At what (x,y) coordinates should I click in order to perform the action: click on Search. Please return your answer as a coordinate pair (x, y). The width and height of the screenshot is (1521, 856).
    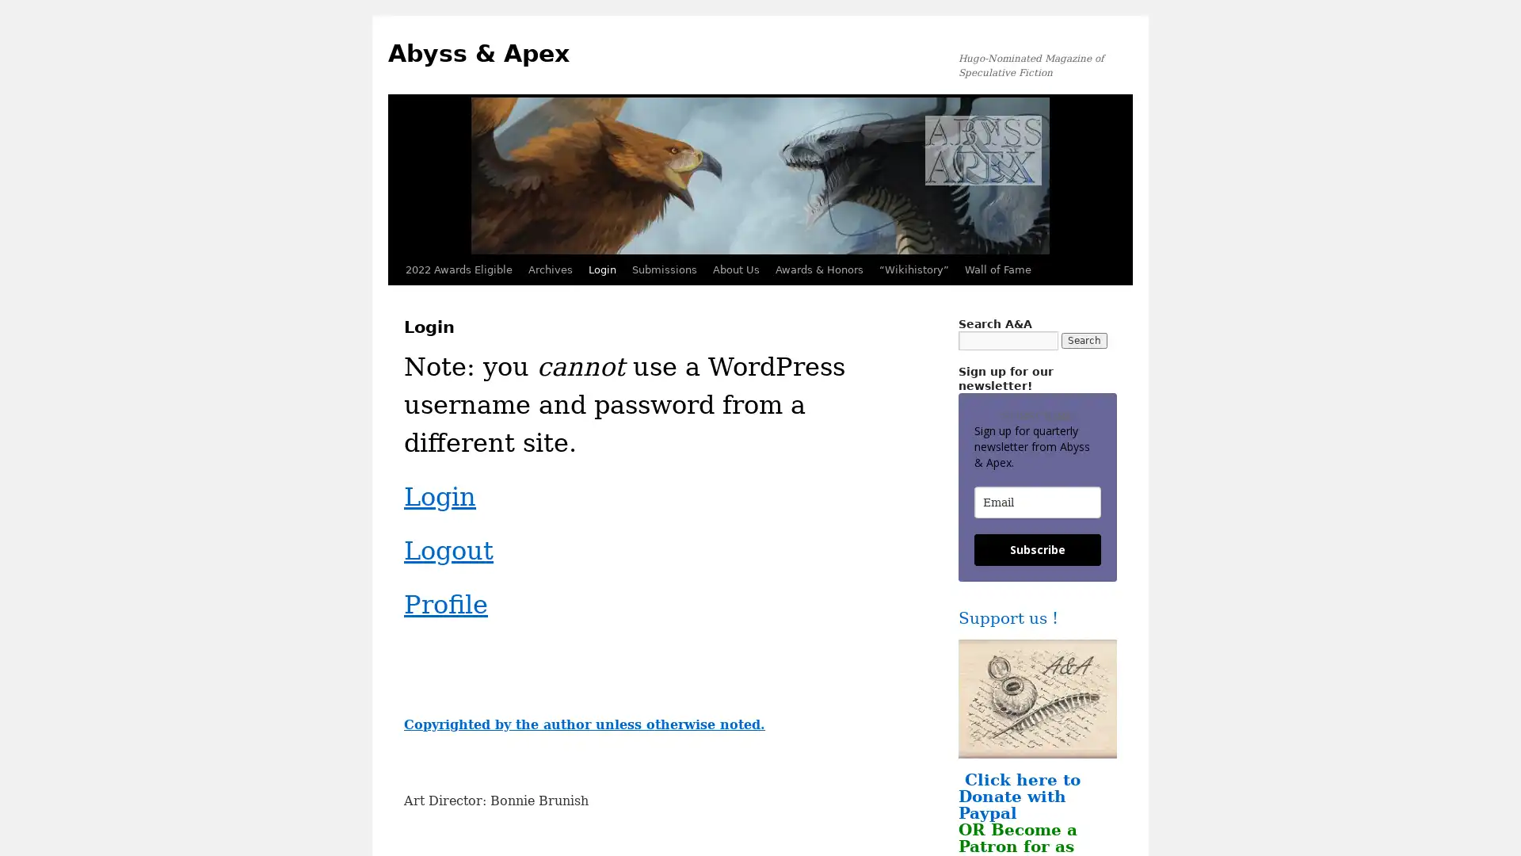
    Looking at the image, I should click on (1083, 339).